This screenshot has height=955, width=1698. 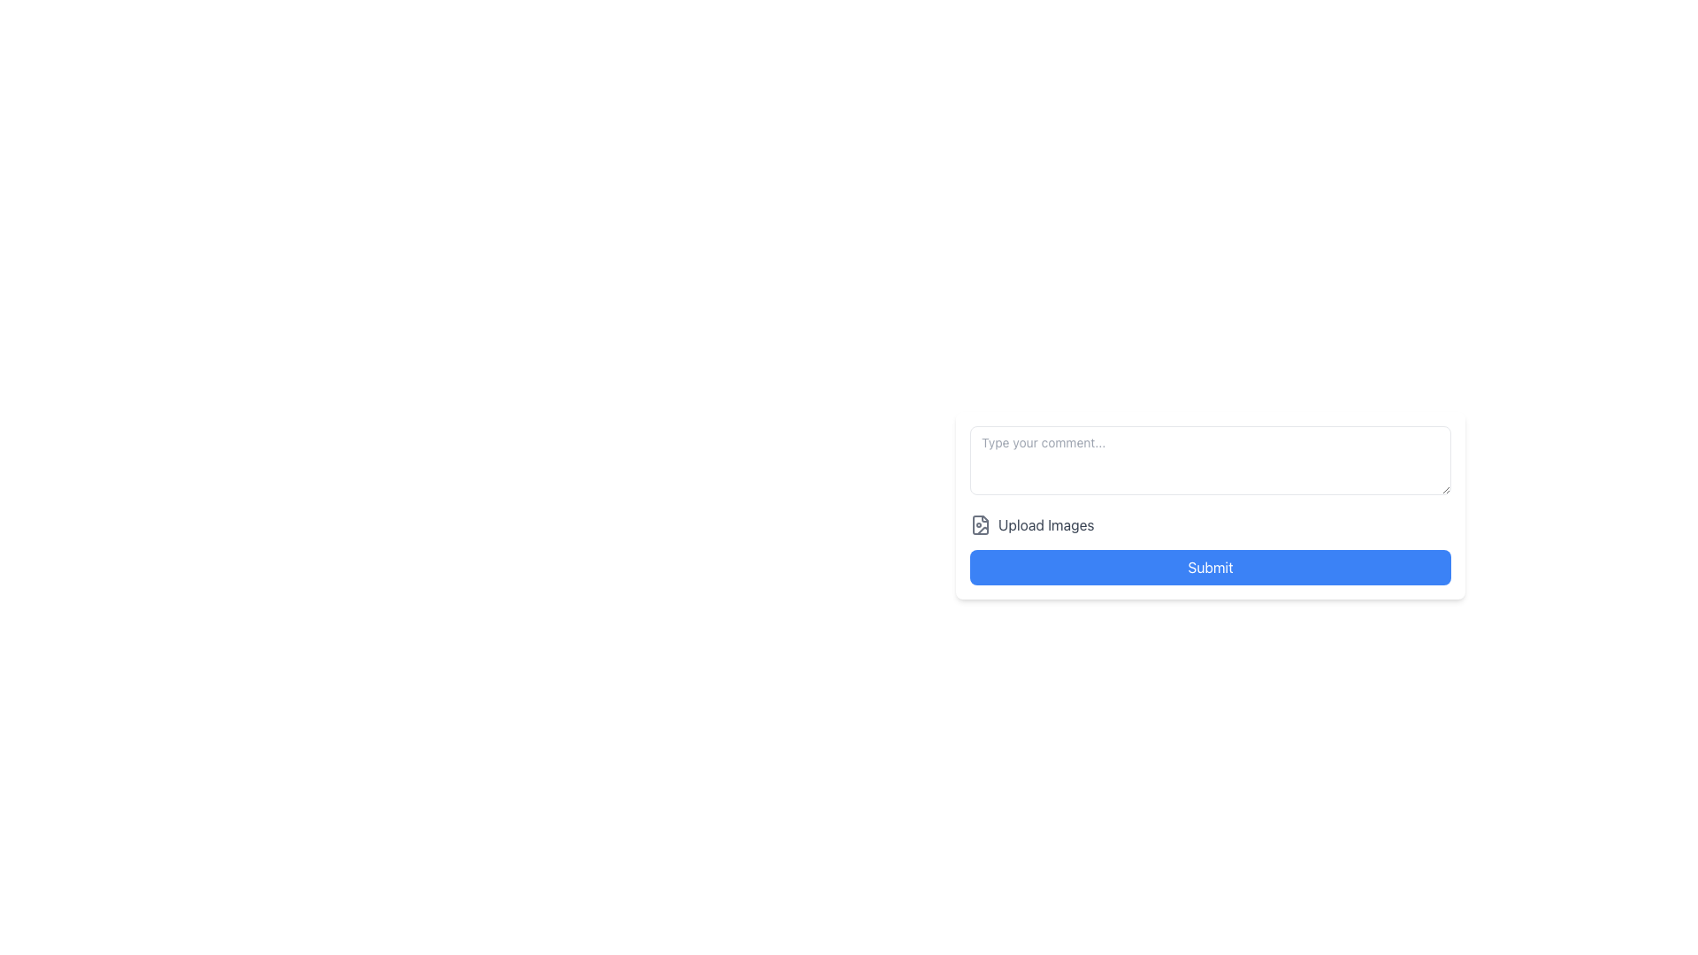 I want to click on the 'Submit' button with a bright blue background and white text by, so click(x=1209, y=567).